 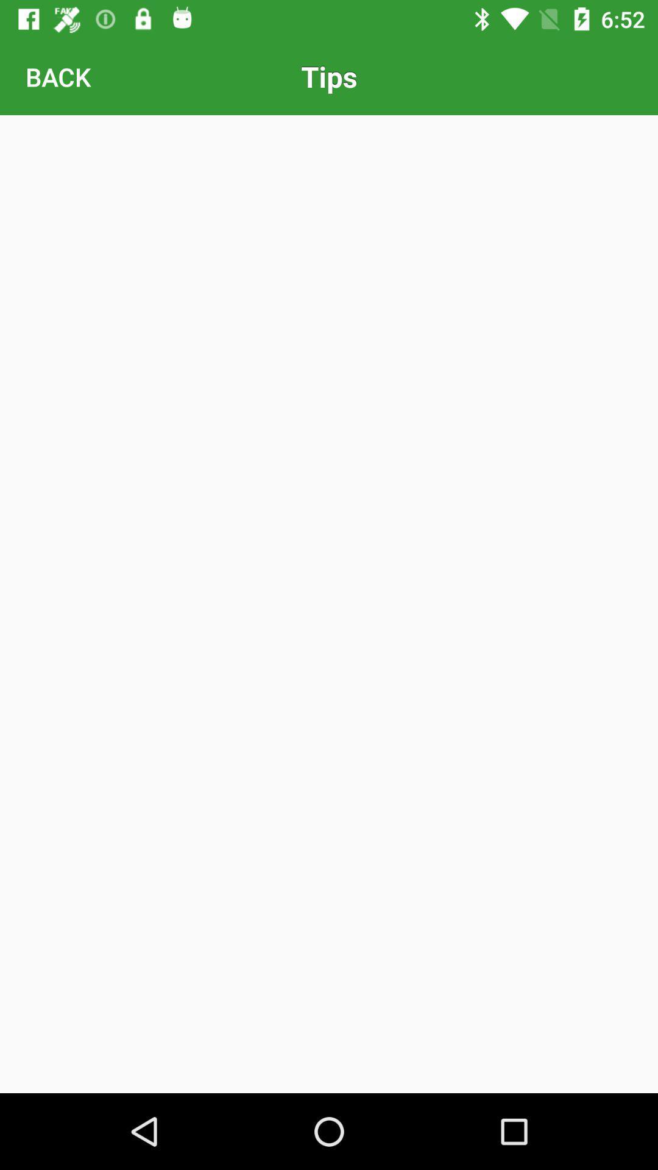 I want to click on the back item, so click(x=58, y=76).